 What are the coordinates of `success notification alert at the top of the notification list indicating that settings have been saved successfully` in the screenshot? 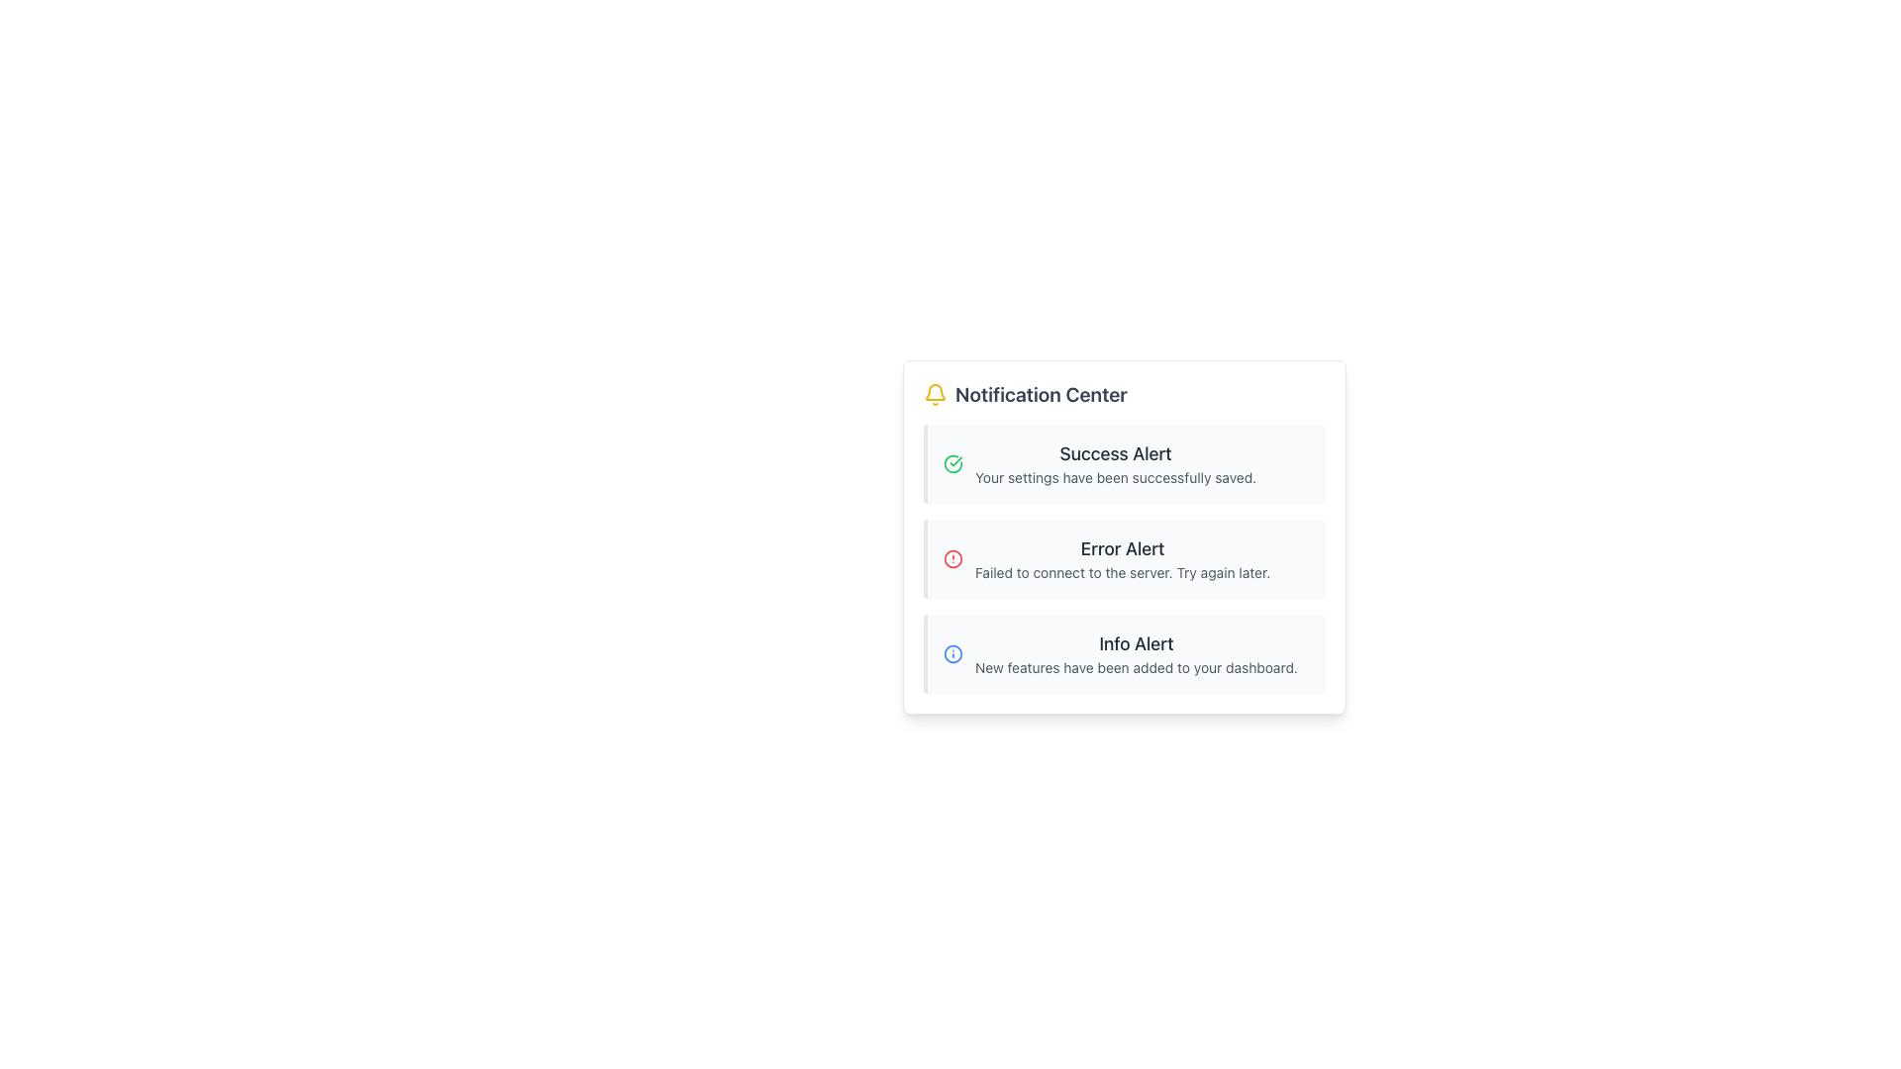 It's located at (1125, 464).